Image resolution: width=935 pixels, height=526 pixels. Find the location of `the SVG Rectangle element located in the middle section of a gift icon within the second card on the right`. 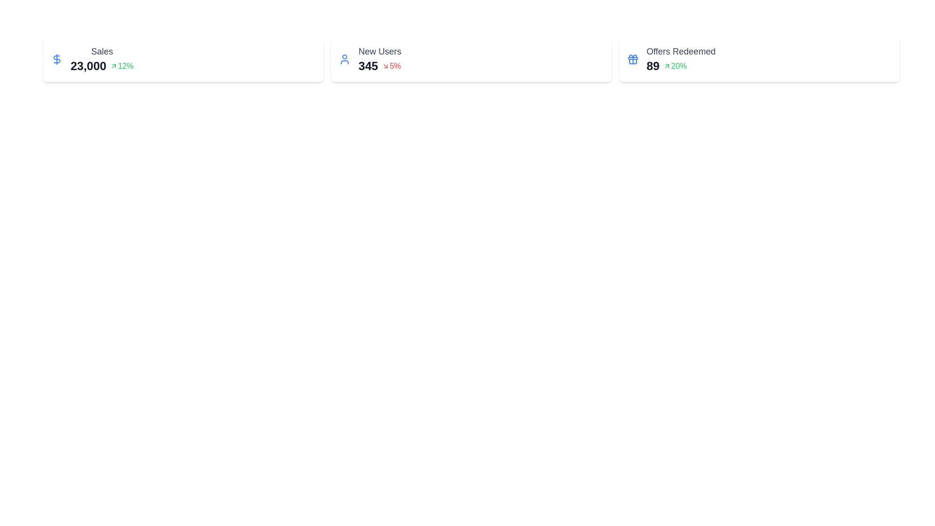

the SVG Rectangle element located in the middle section of a gift icon within the second card on the right is located at coordinates (633, 58).